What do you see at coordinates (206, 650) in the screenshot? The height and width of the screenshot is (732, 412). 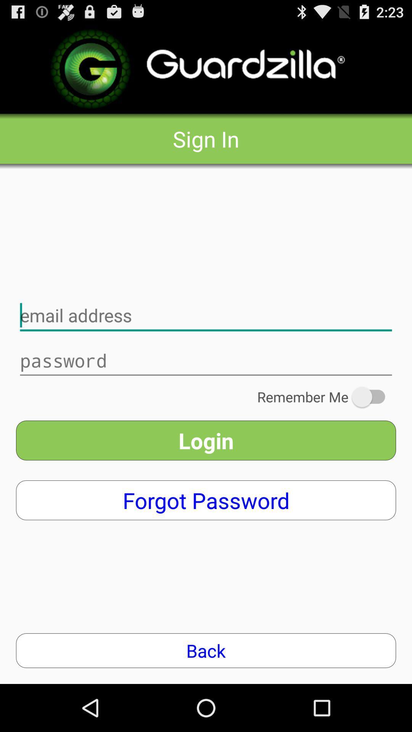 I see `the back app` at bounding box center [206, 650].